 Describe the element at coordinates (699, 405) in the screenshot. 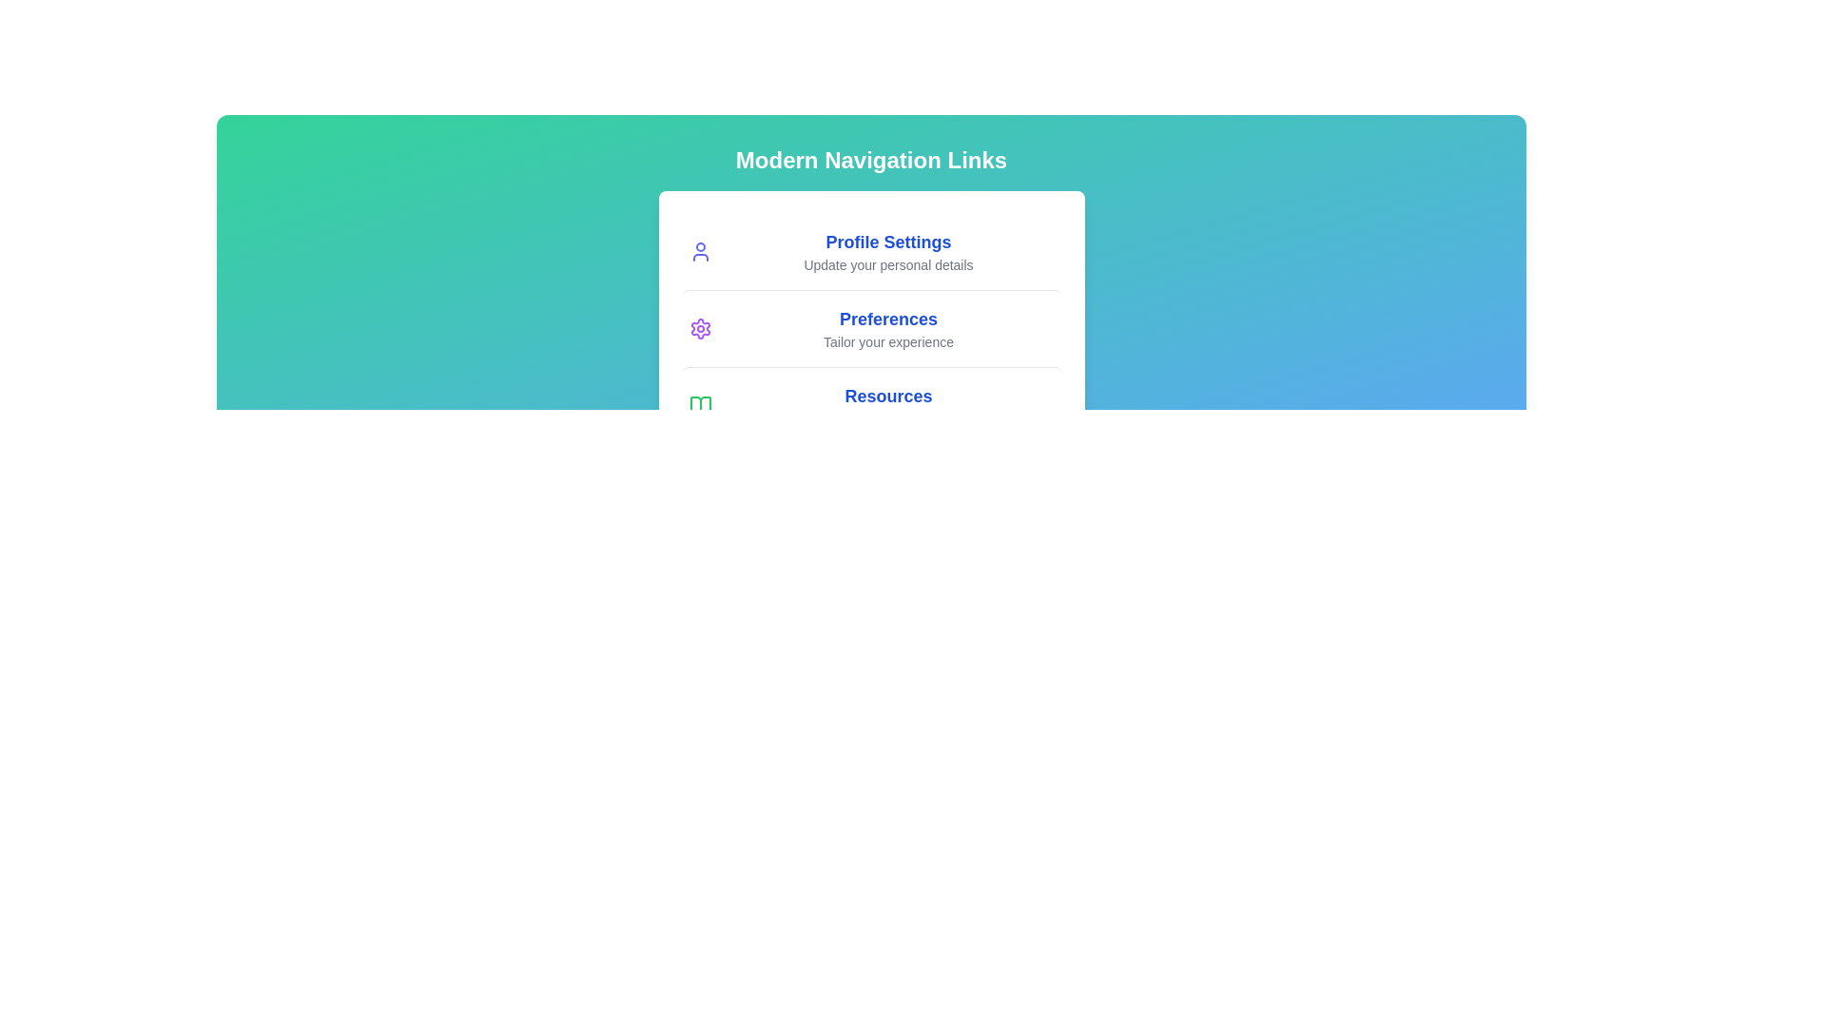

I see `the icon located to the left of the 'Resources' text in the last item of the vertical menu within the 'Modern Navigation Links' section` at that location.